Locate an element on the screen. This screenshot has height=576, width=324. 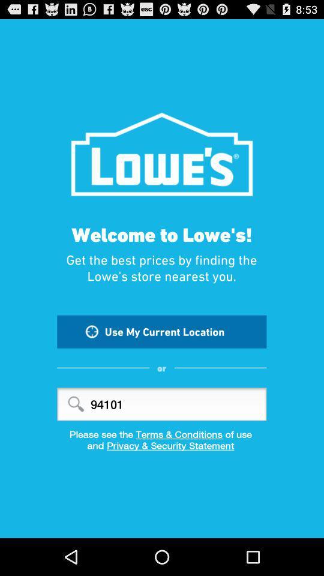
please see the item is located at coordinates (162, 433).